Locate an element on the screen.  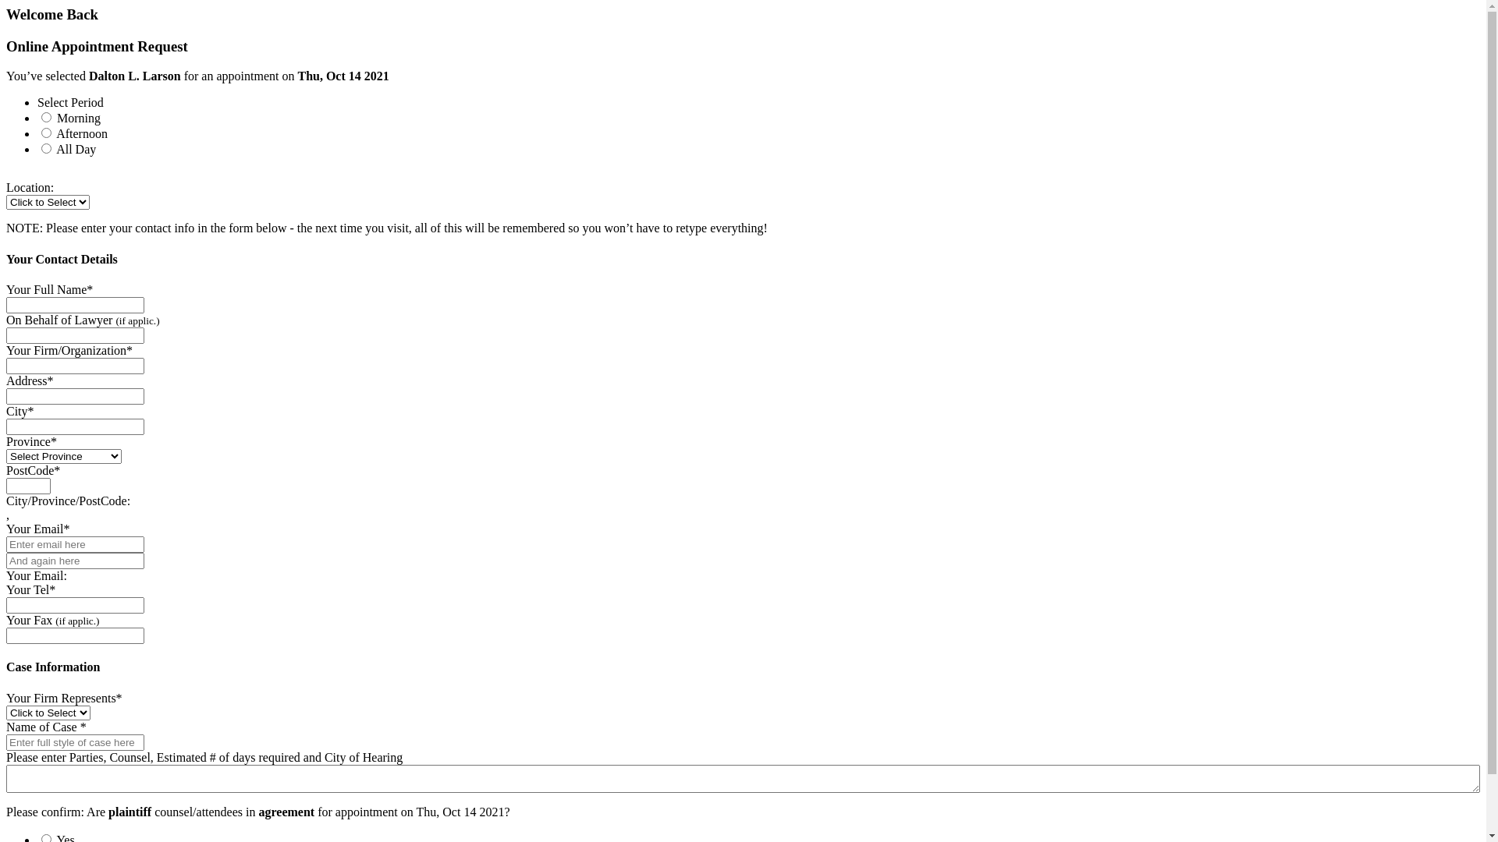
'Please enter valid PostCode!' is located at coordinates (6, 485).